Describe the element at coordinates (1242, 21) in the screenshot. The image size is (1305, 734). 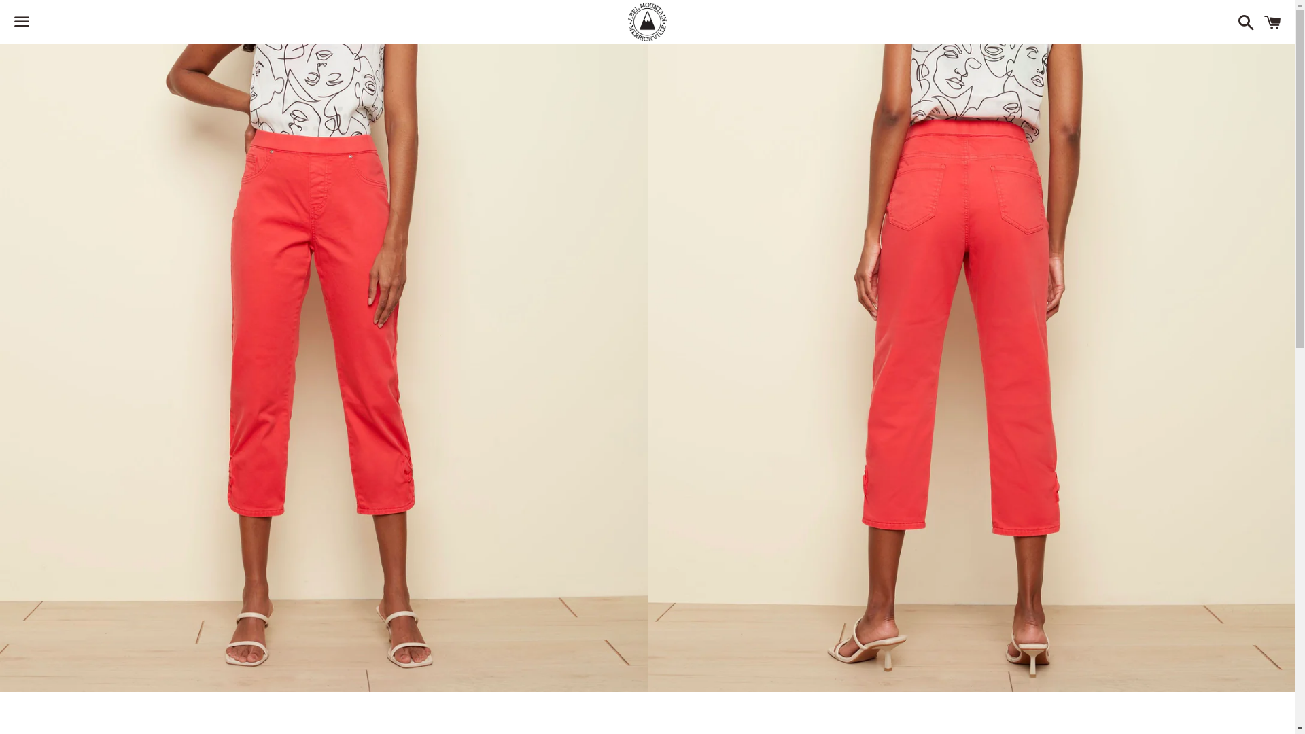
I see `'Search'` at that location.